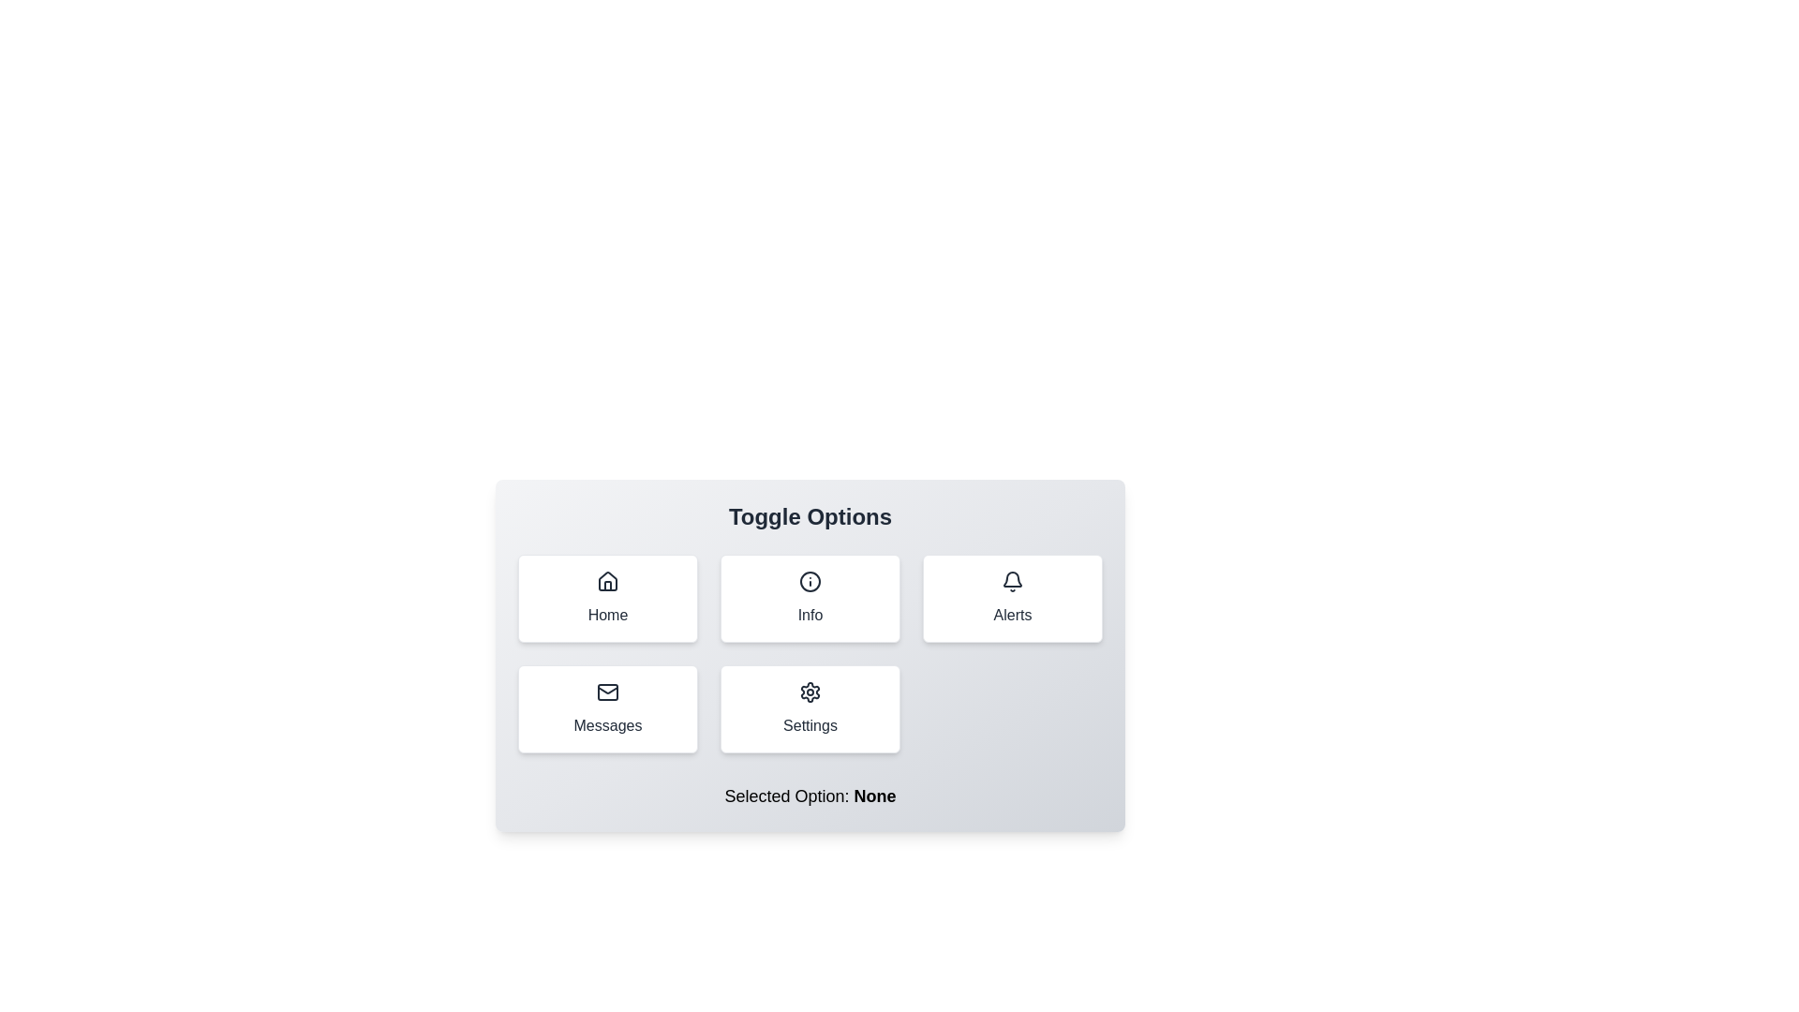 Image resolution: width=1799 pixels, height=1012 pixels. I want to click on the 'Home' icon which is centrally located within its card in the first column of the grid layout, indicating the 'Home' functionality, so click(607, 581).